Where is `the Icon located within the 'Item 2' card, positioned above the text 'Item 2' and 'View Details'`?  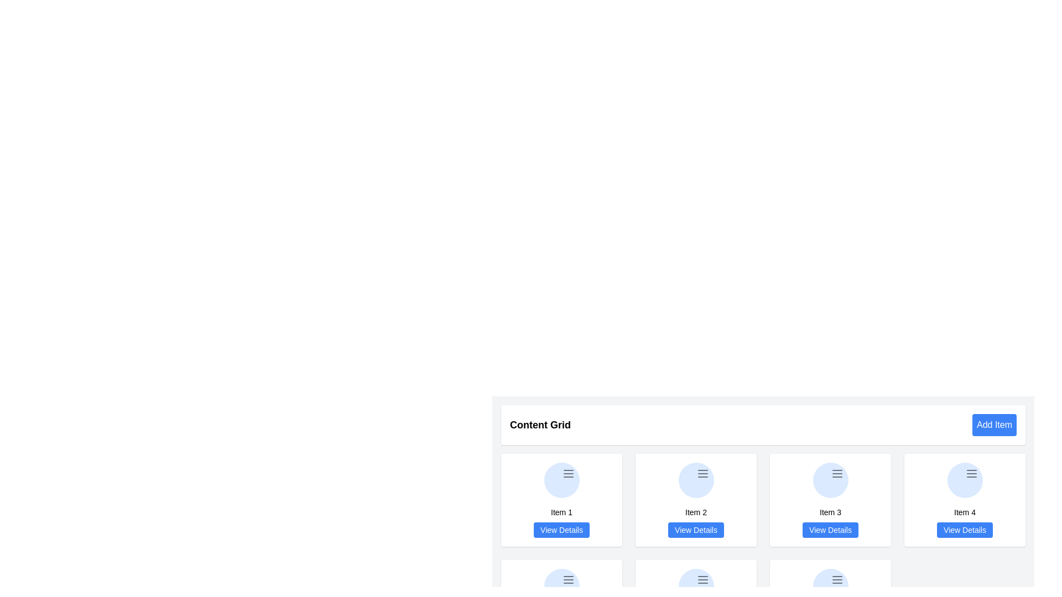
the Icon located within the 'Item 2' card, positioned above the text 'Item 2' and 'View Details' is located at coordinates (695, 479).